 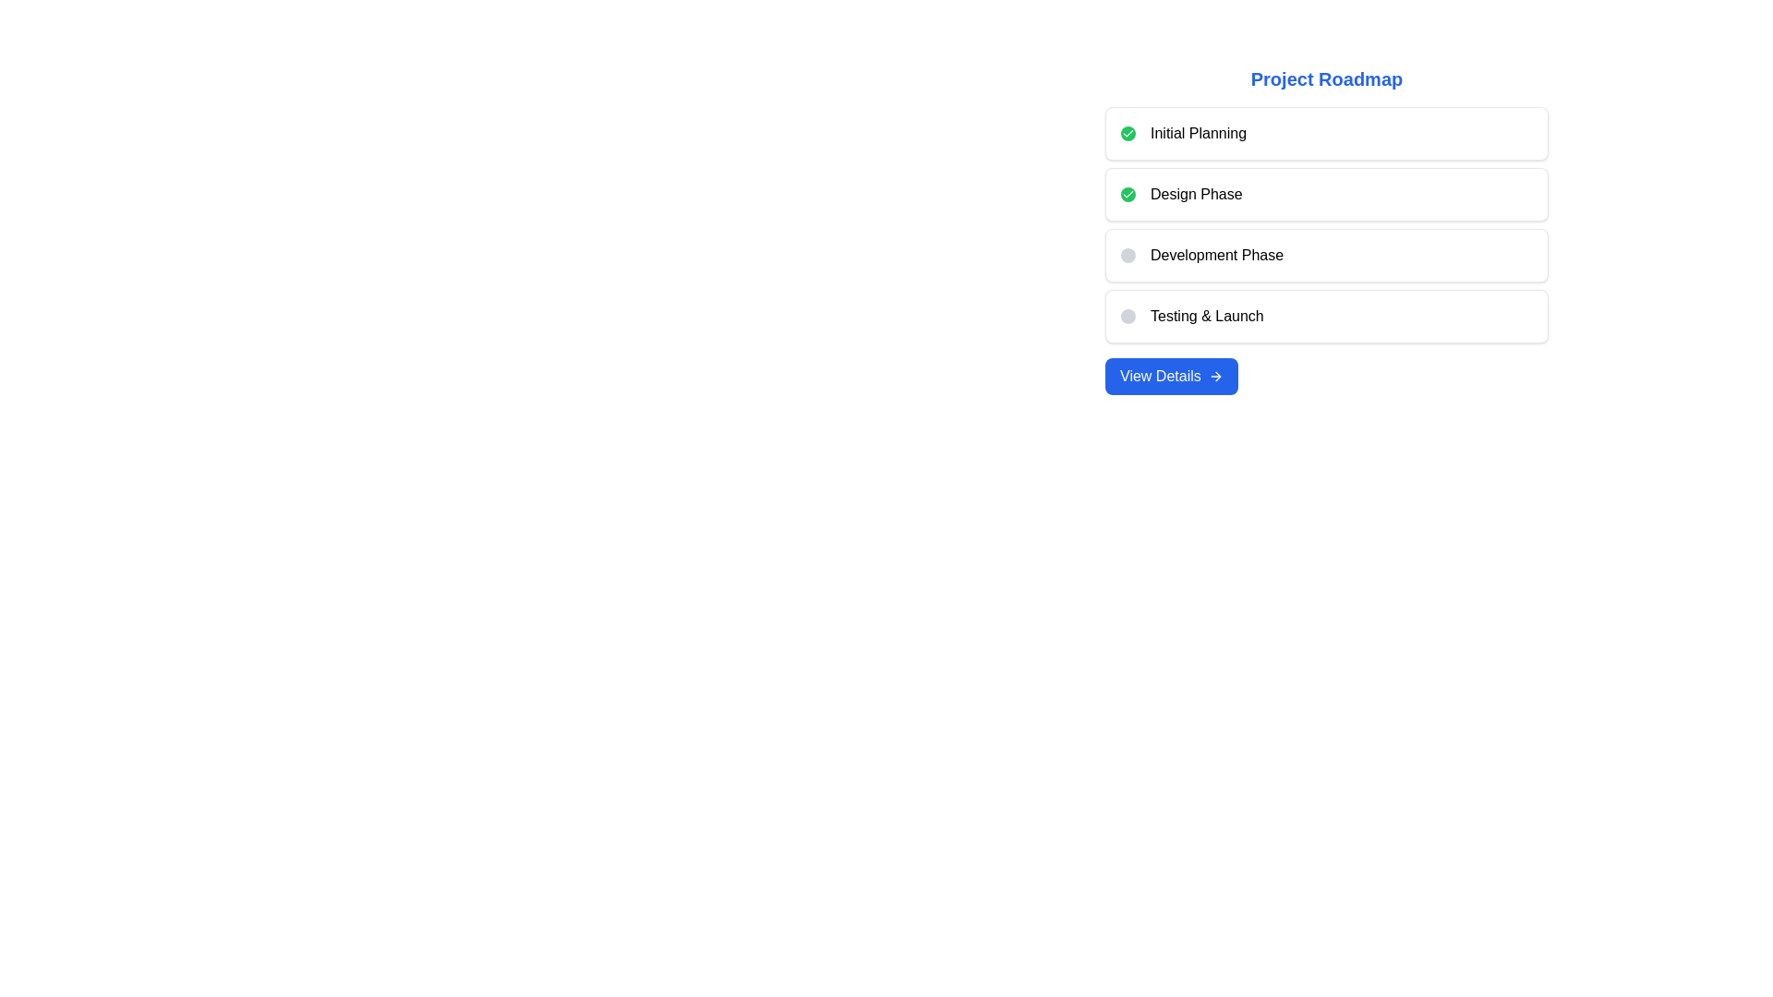 What do you see at coordinates (1207, 316) in the screenshot?
I see `the label containing the text 'Testing & Launch', which is positioned below 'Development Phase' and above 'View Details' in the list` at bounding box center [1207, 316].